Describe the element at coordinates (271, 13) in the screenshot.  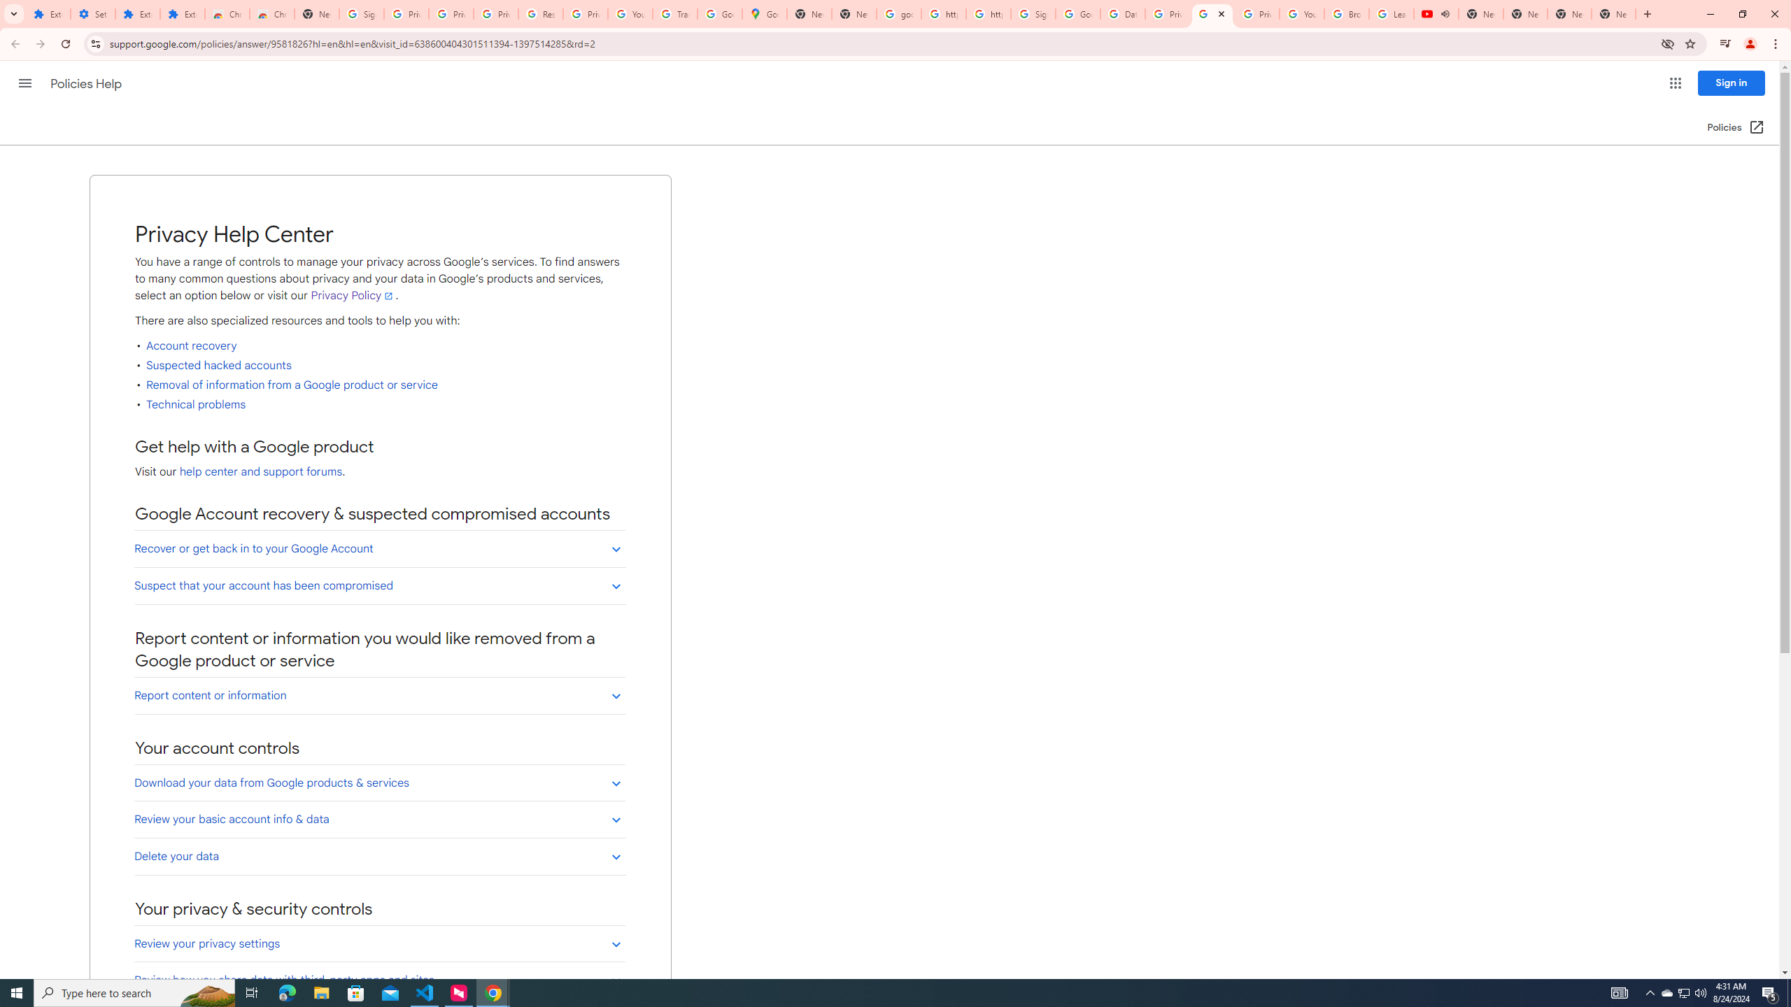
I see `'Chrome Web Store - Themes'` at that location.